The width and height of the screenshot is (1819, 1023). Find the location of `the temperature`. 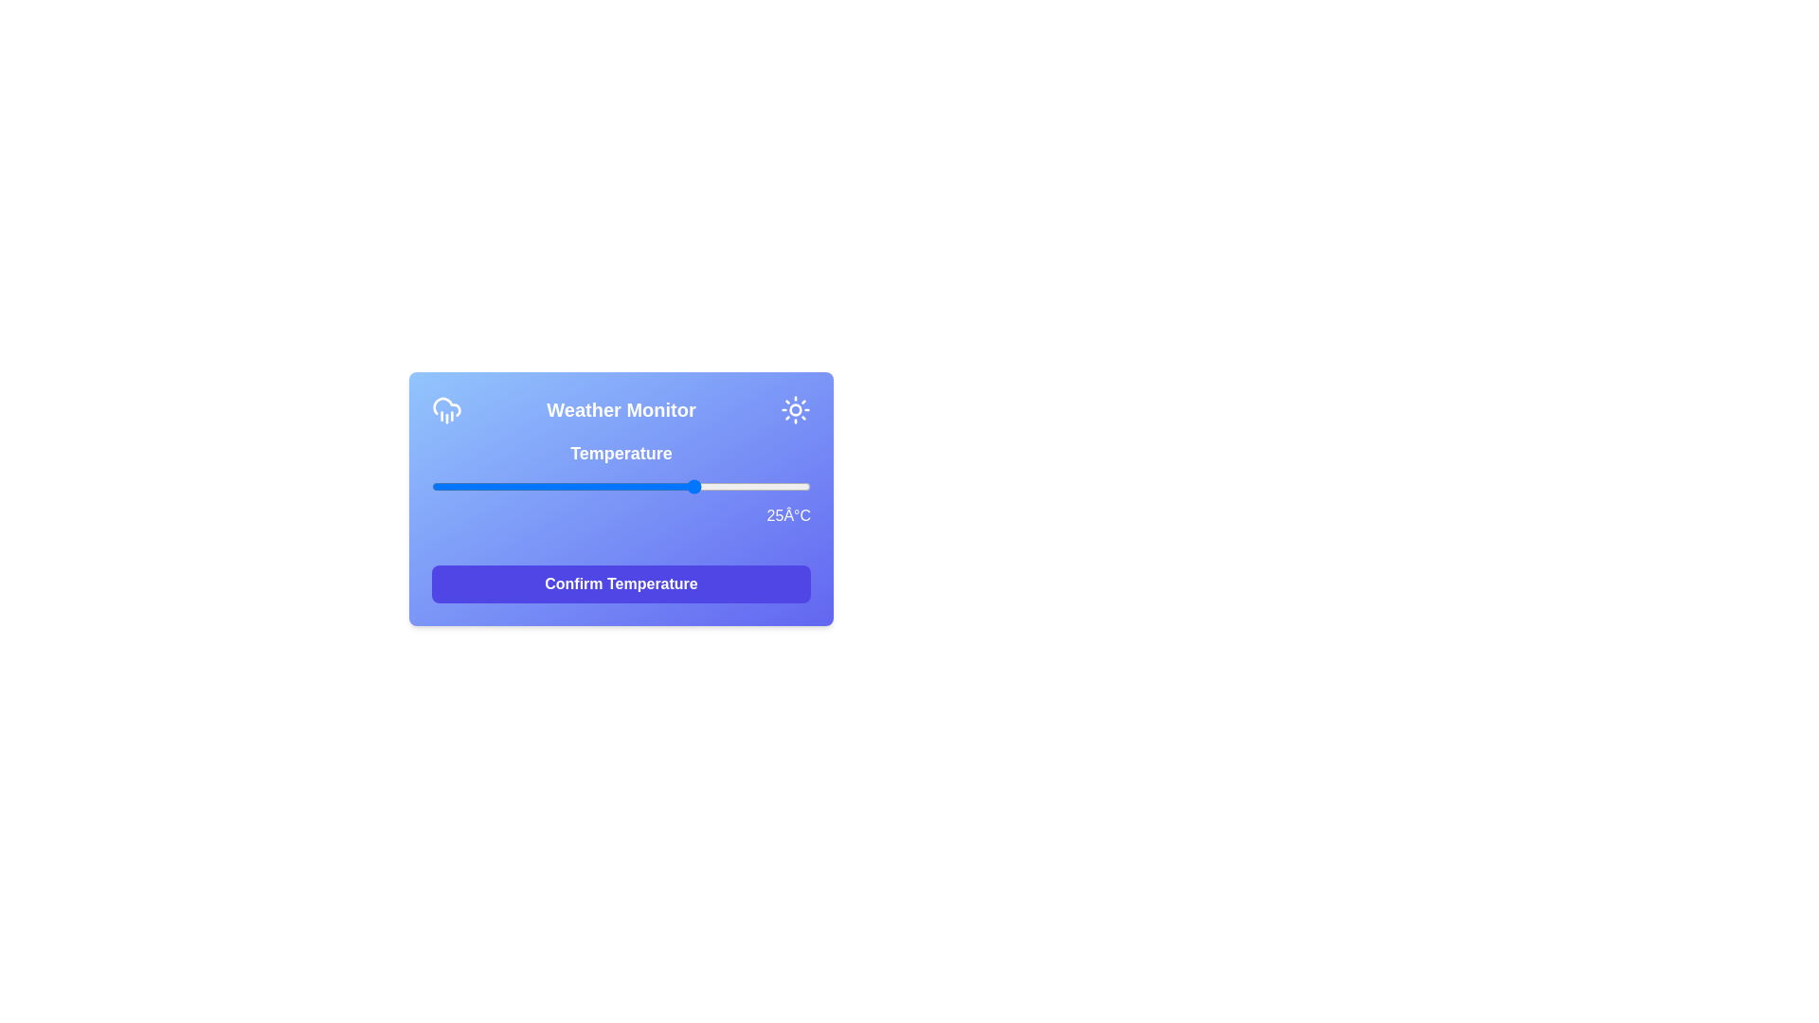

the temperature is located at coordinates (508, 485).